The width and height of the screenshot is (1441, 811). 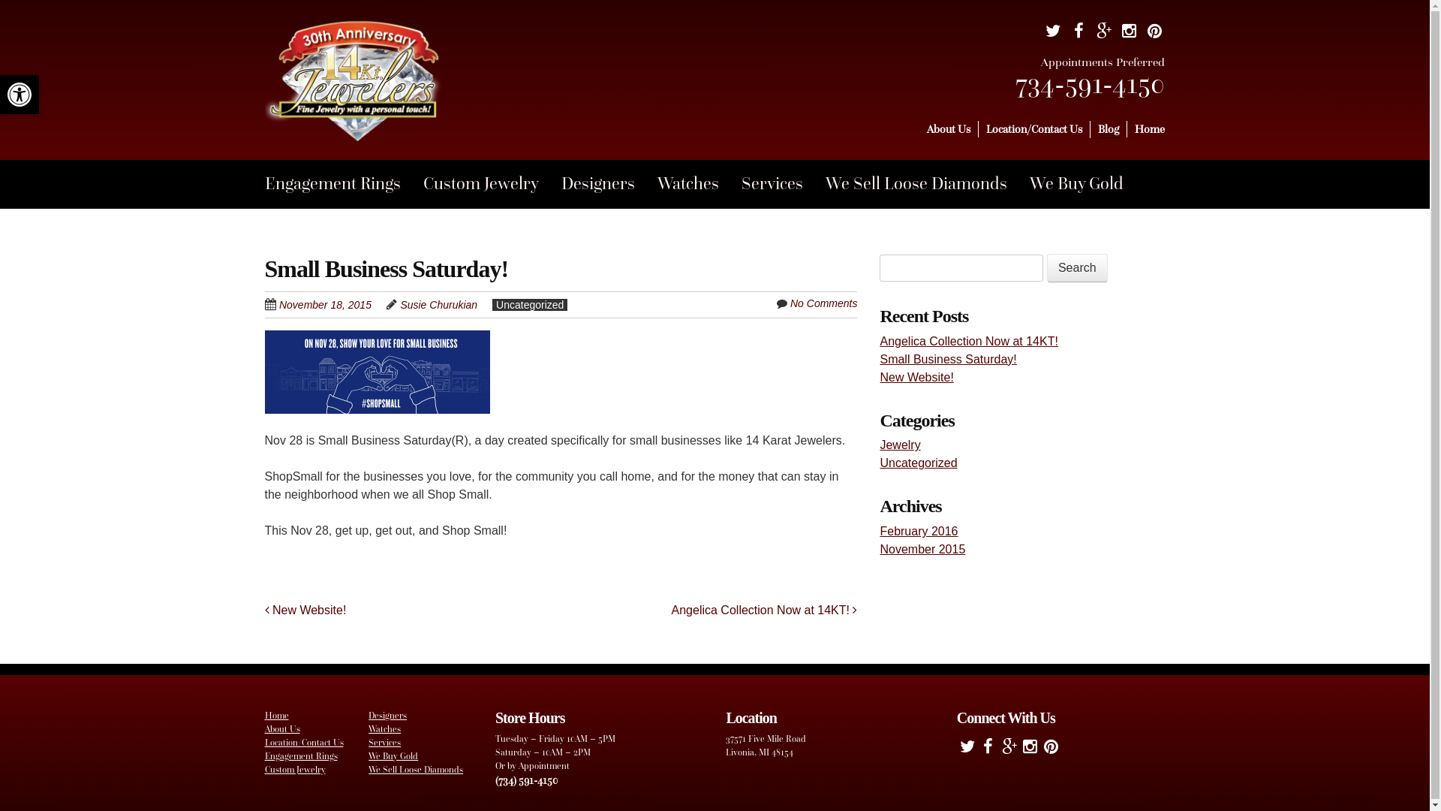 I want to click on 'Follow me on G+', so click(x=1009, y=749).